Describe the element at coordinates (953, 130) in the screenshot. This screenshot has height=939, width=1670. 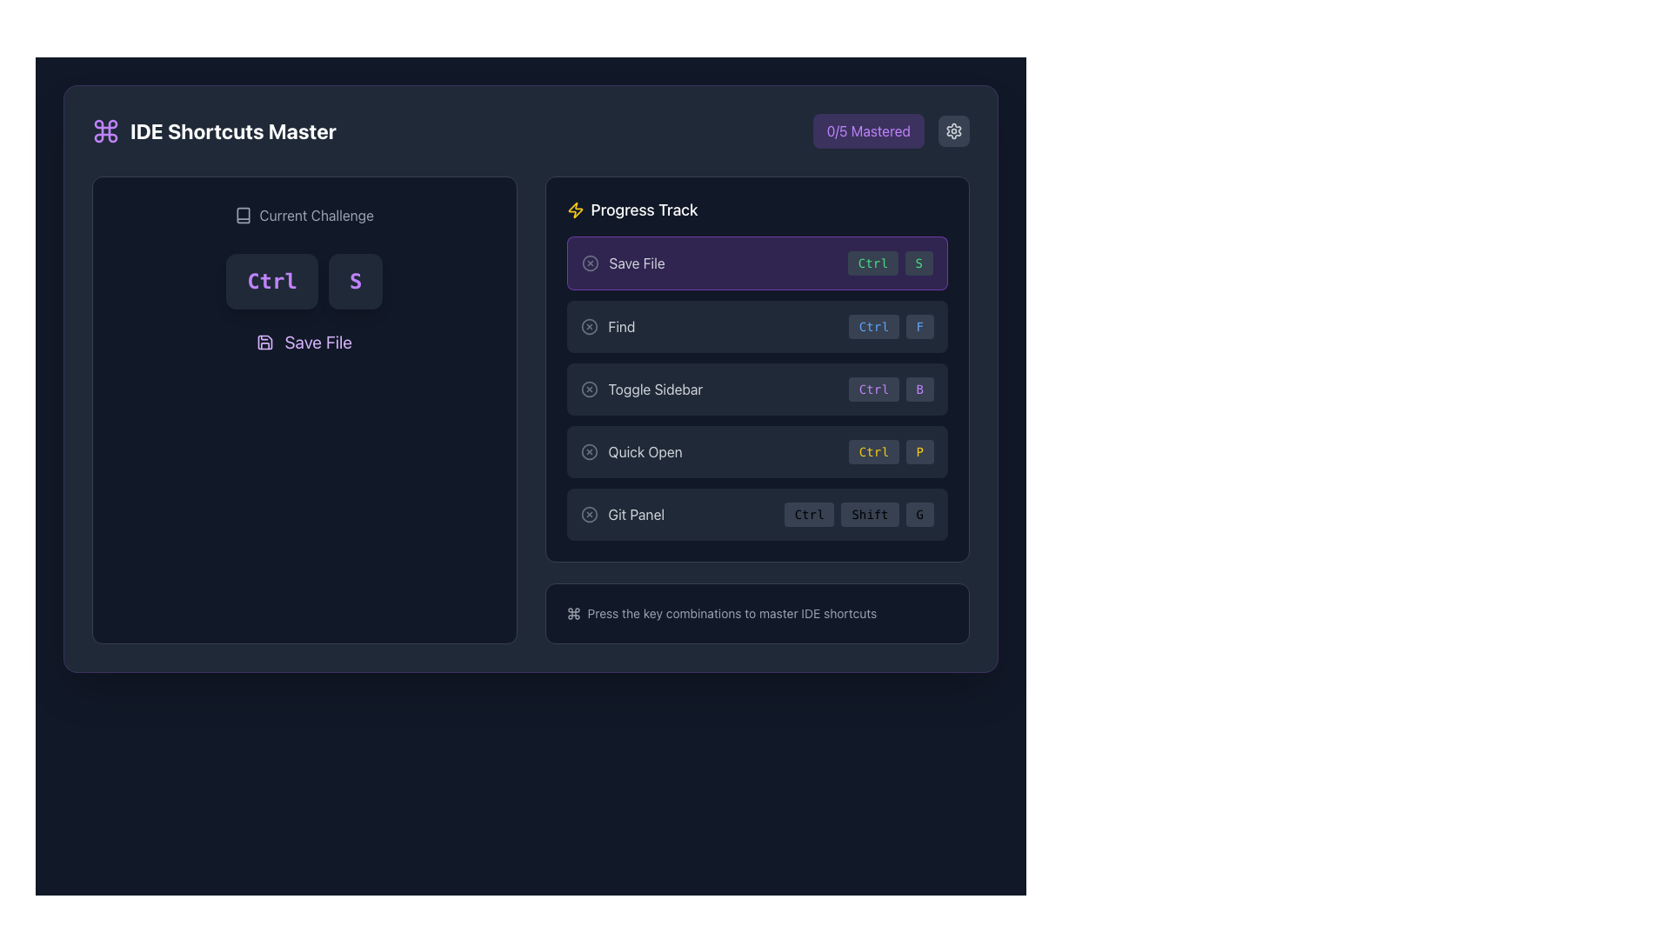
I see `the settings icon located in the top-right corner of the interface` at that location.